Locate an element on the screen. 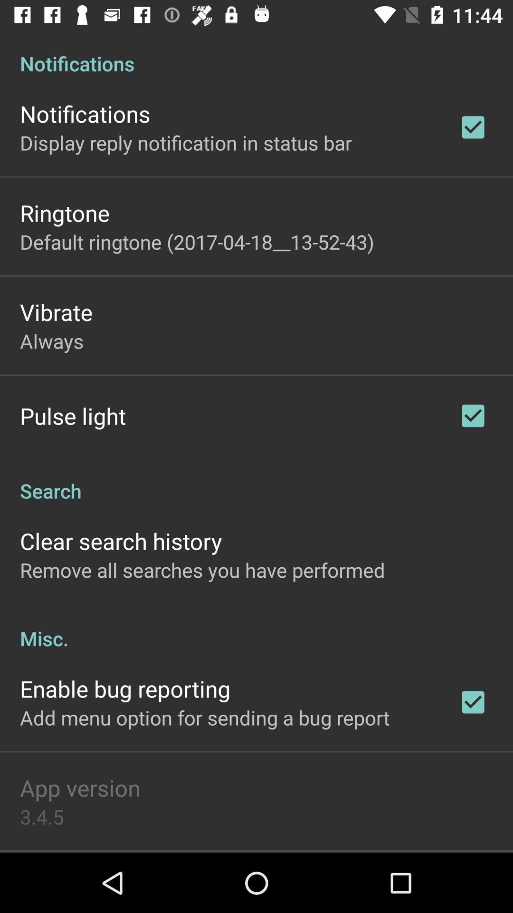  pulse light is located at coordinates (72, 416).